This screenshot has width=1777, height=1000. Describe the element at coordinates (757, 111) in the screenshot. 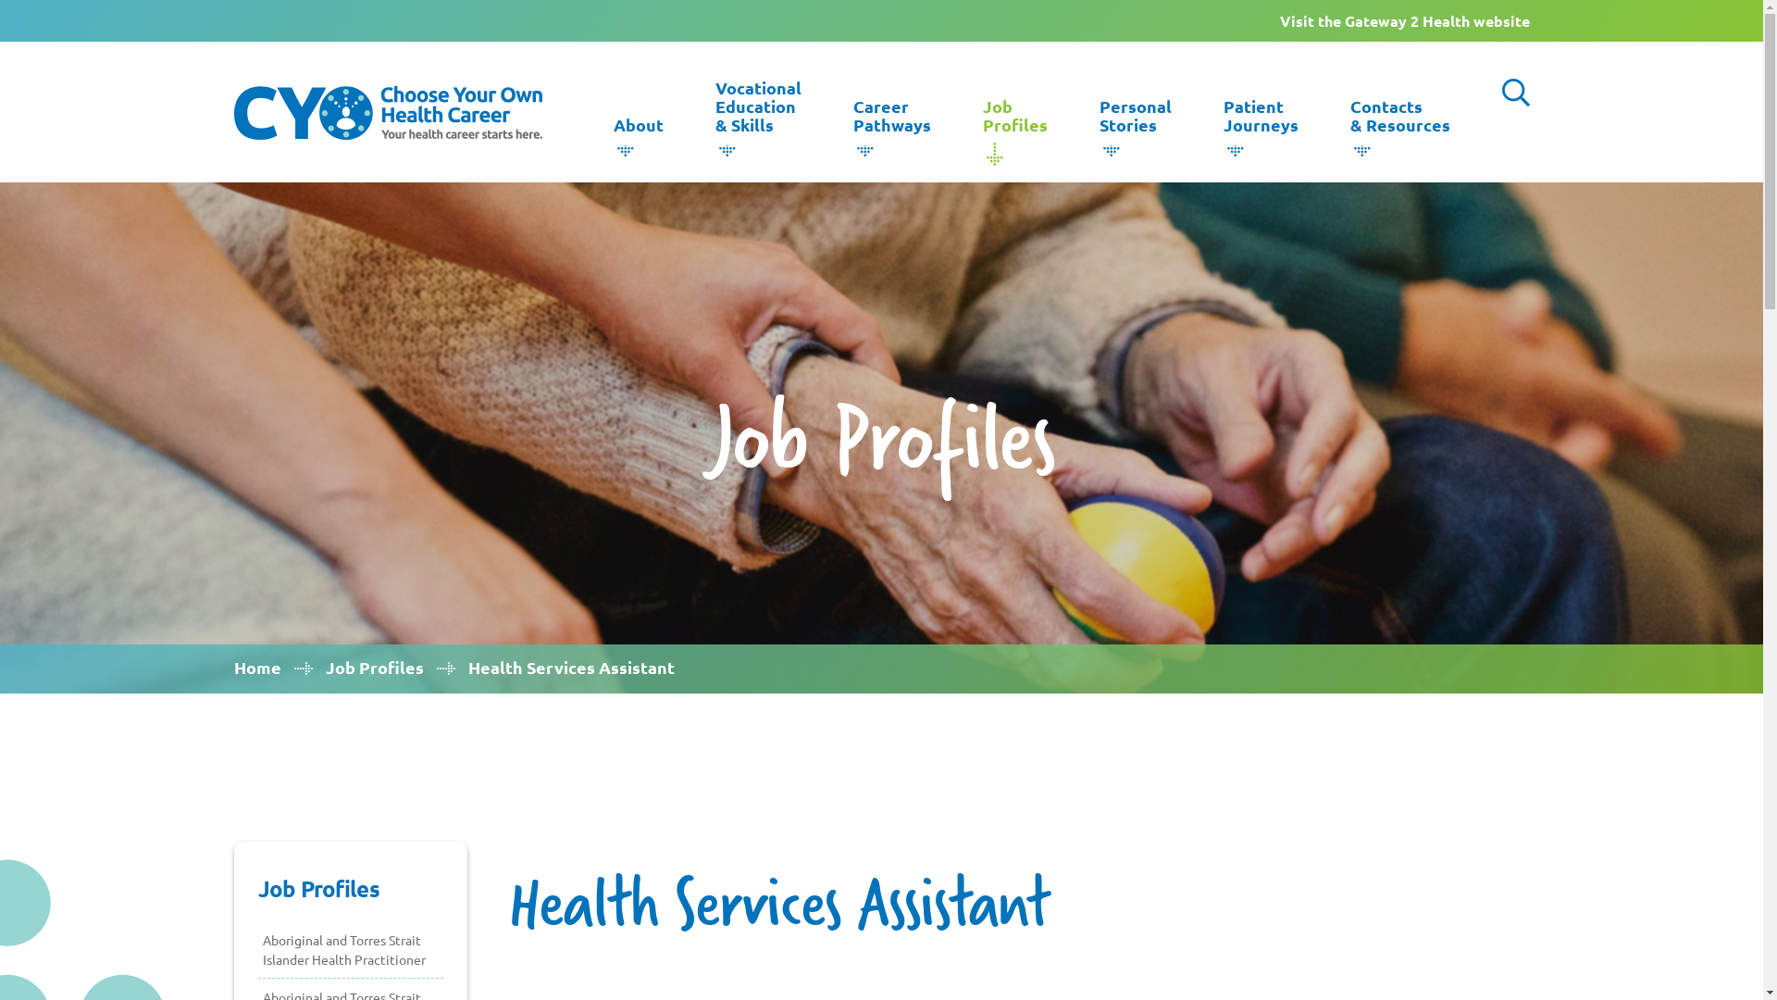

I see `'Vocational` at that location.